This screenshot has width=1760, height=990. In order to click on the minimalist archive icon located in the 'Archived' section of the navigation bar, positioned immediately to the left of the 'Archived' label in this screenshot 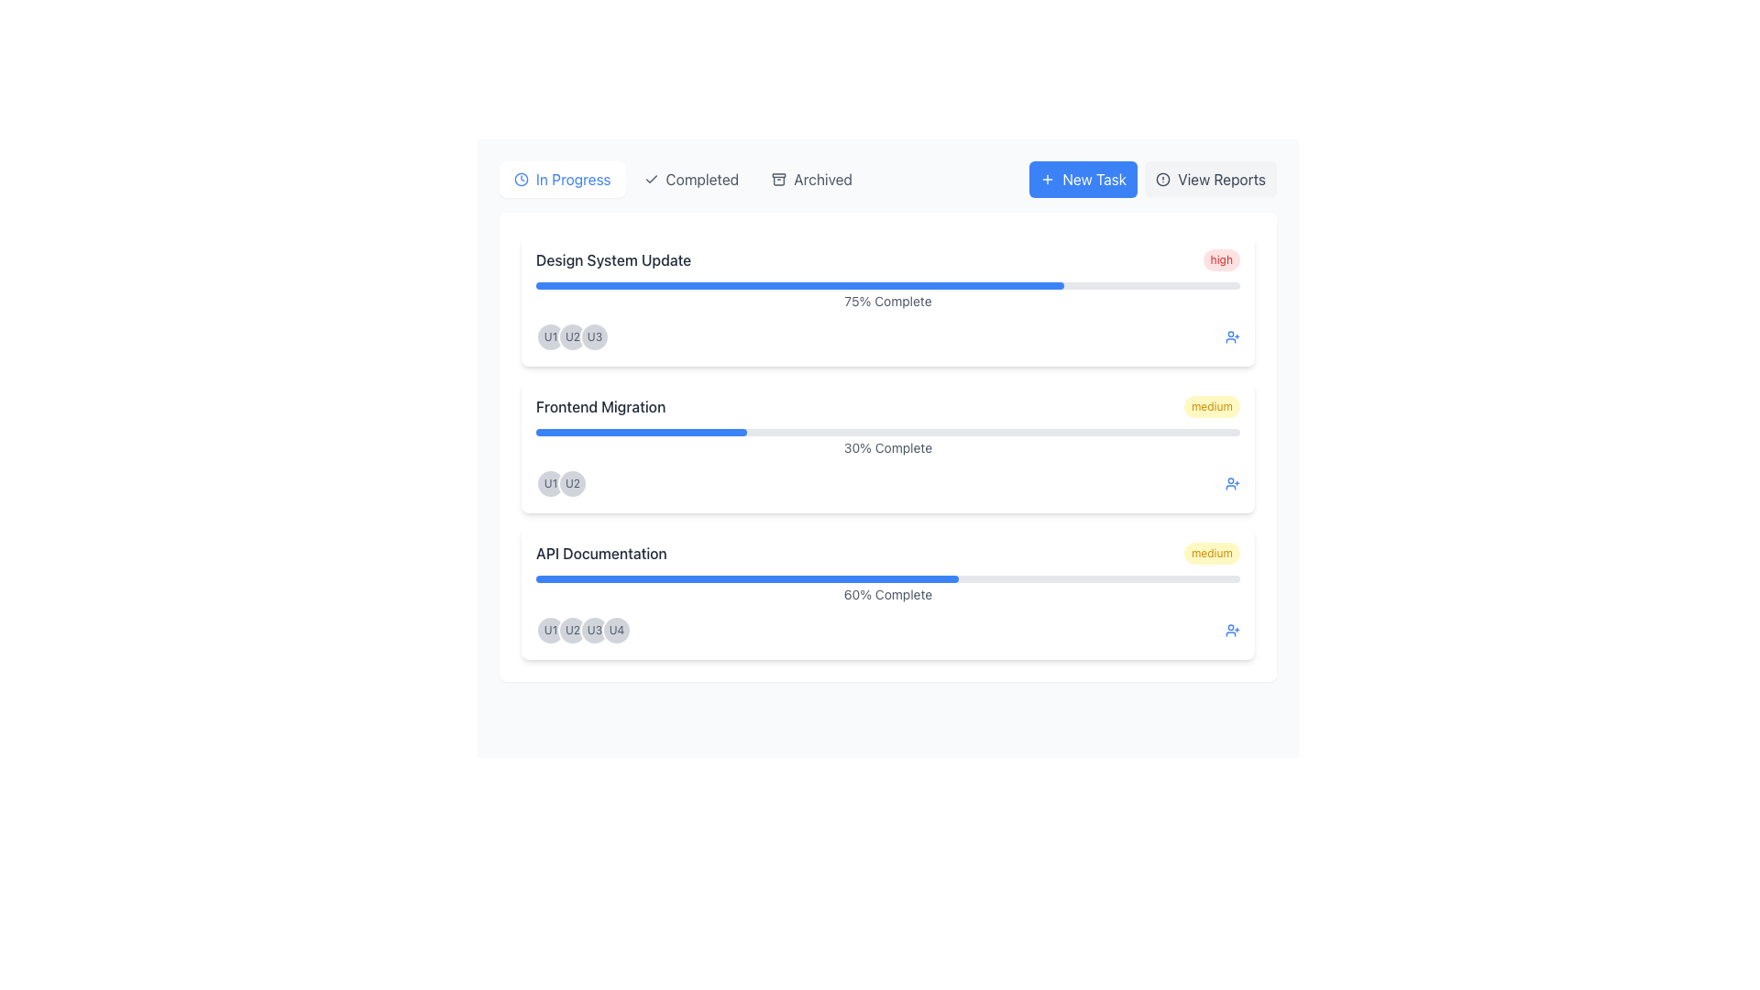, I will do `click(779, 180)`.